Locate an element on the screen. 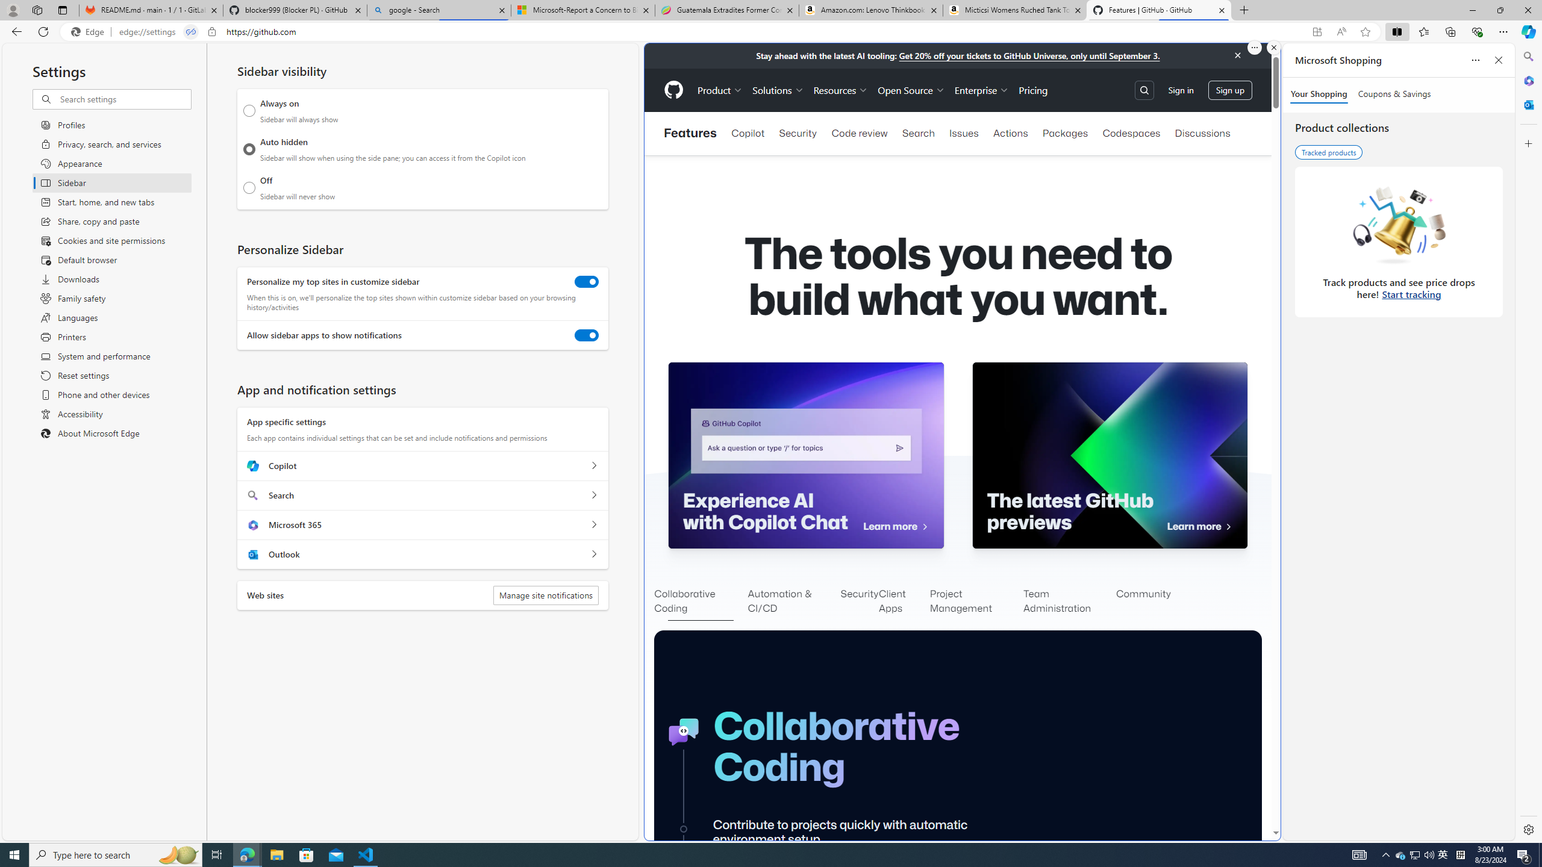 The height and width of the screenshot is (867, 1542). 'Enterprise' is located at coordinates (982, 90).